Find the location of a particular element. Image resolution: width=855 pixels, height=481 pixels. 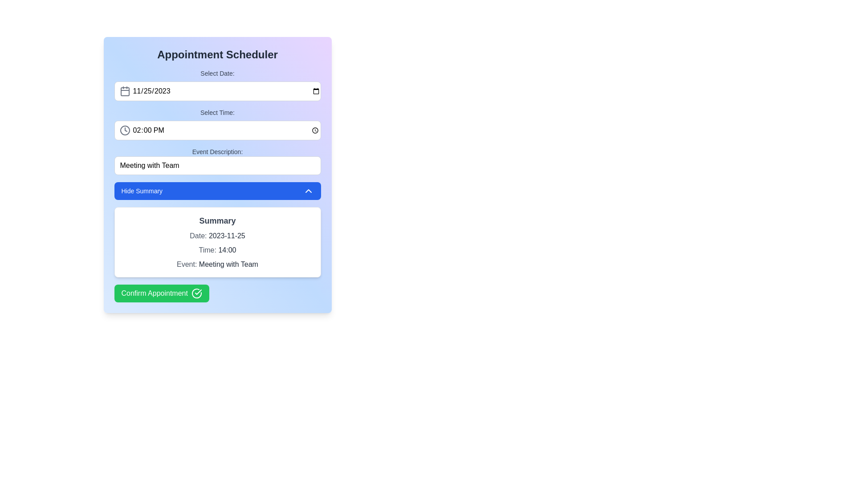

the text label that serves as a label for the date selection input field, which is positioned below the 'Appointment Scheduler' header and above the date input field is located at coordinates (217, 73).